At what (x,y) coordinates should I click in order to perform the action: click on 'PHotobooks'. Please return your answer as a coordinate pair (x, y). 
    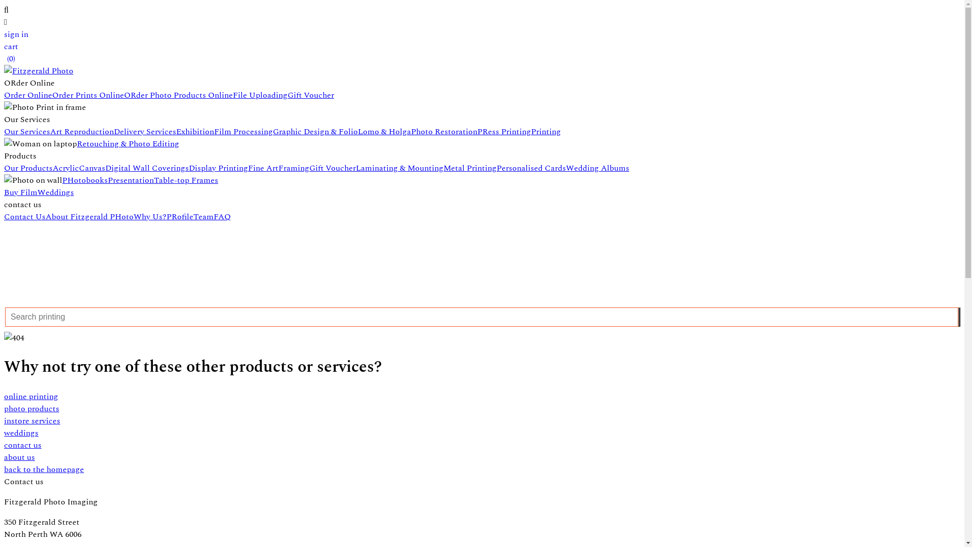
    Looking at the image, I should click on (85, 179).